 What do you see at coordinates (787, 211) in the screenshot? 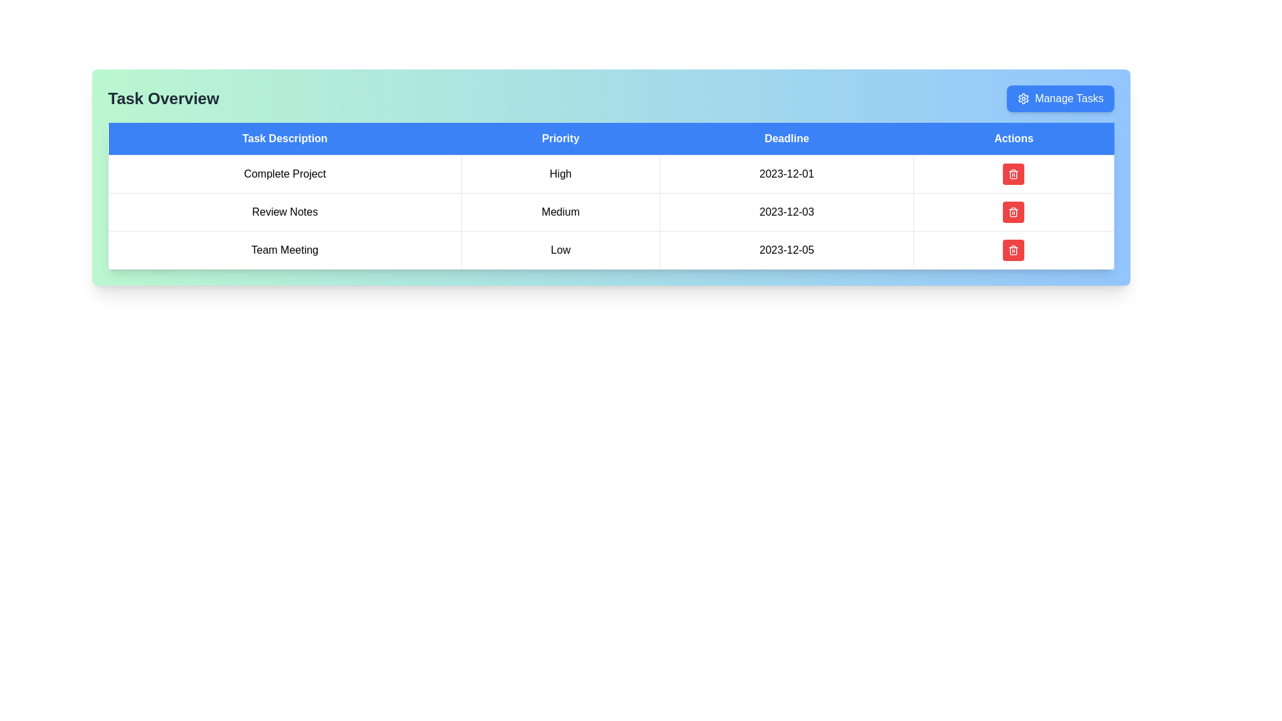
I see `date information displayed in the third cell of the second row under the 'Deadline' column in the task table` at bounding box center [787, 211].